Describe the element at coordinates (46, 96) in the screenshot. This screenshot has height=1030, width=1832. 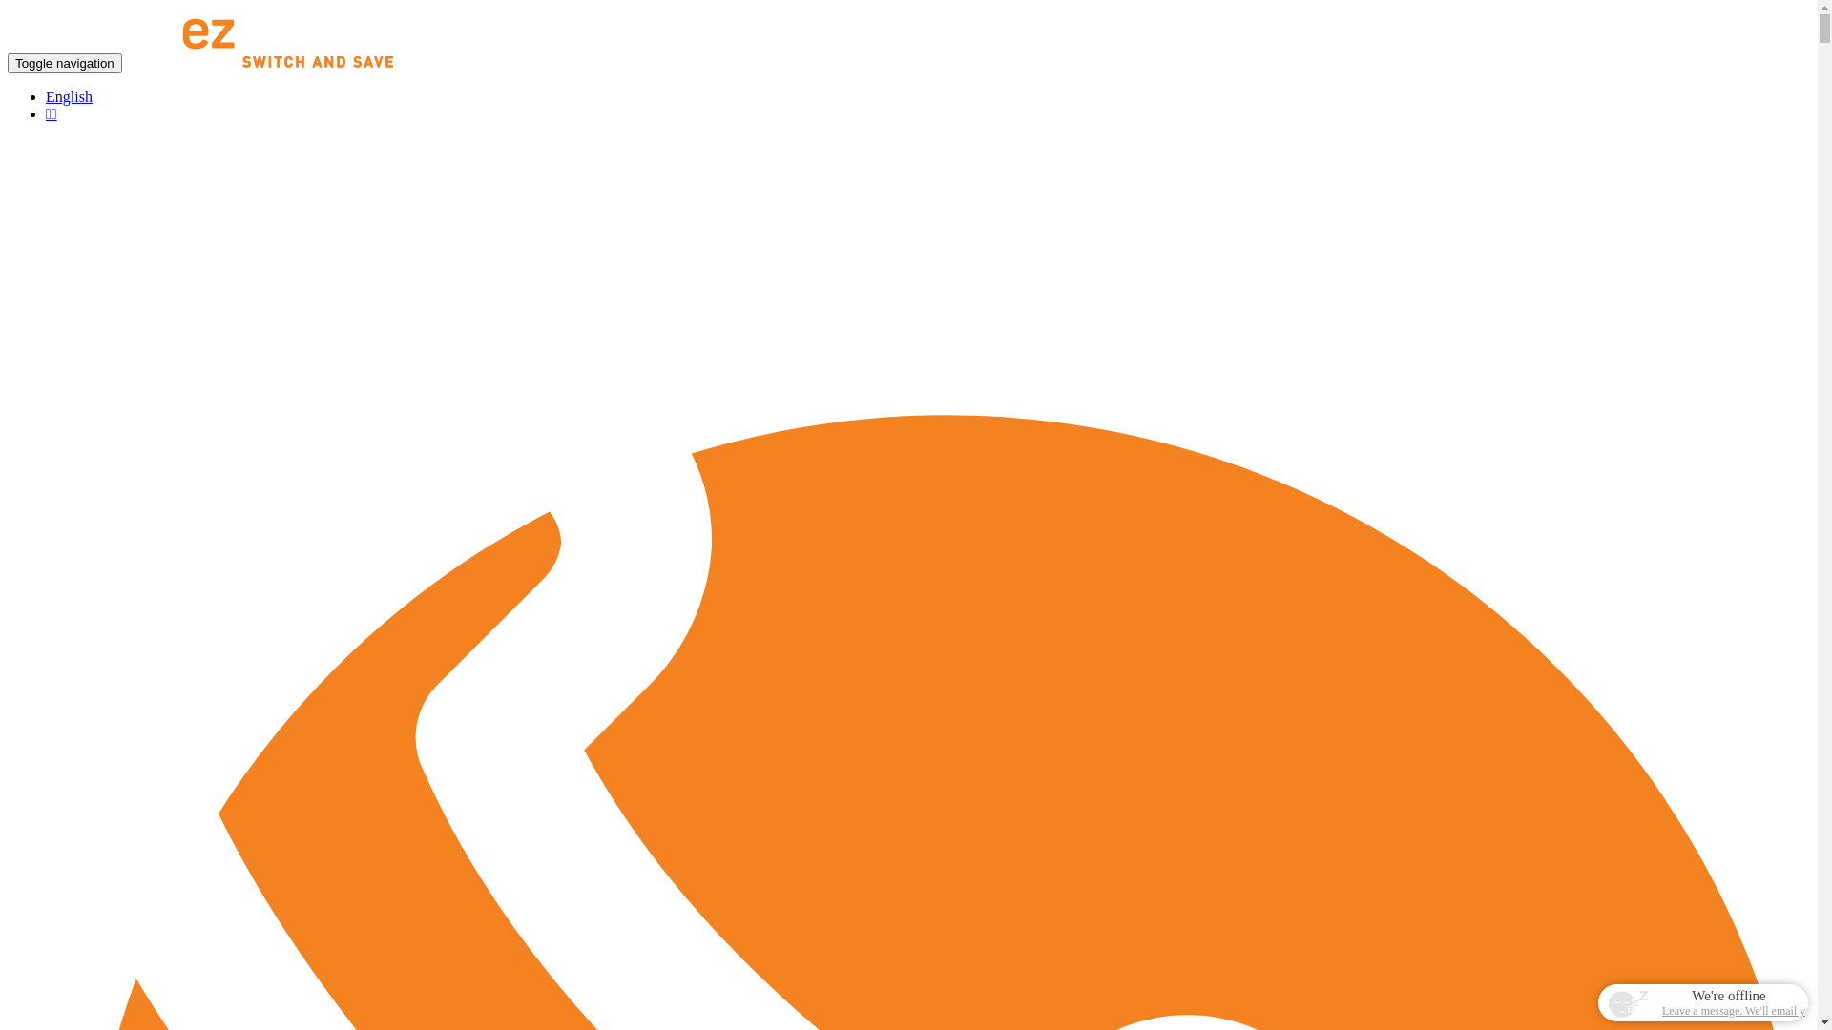
I see `'English'` at that location.